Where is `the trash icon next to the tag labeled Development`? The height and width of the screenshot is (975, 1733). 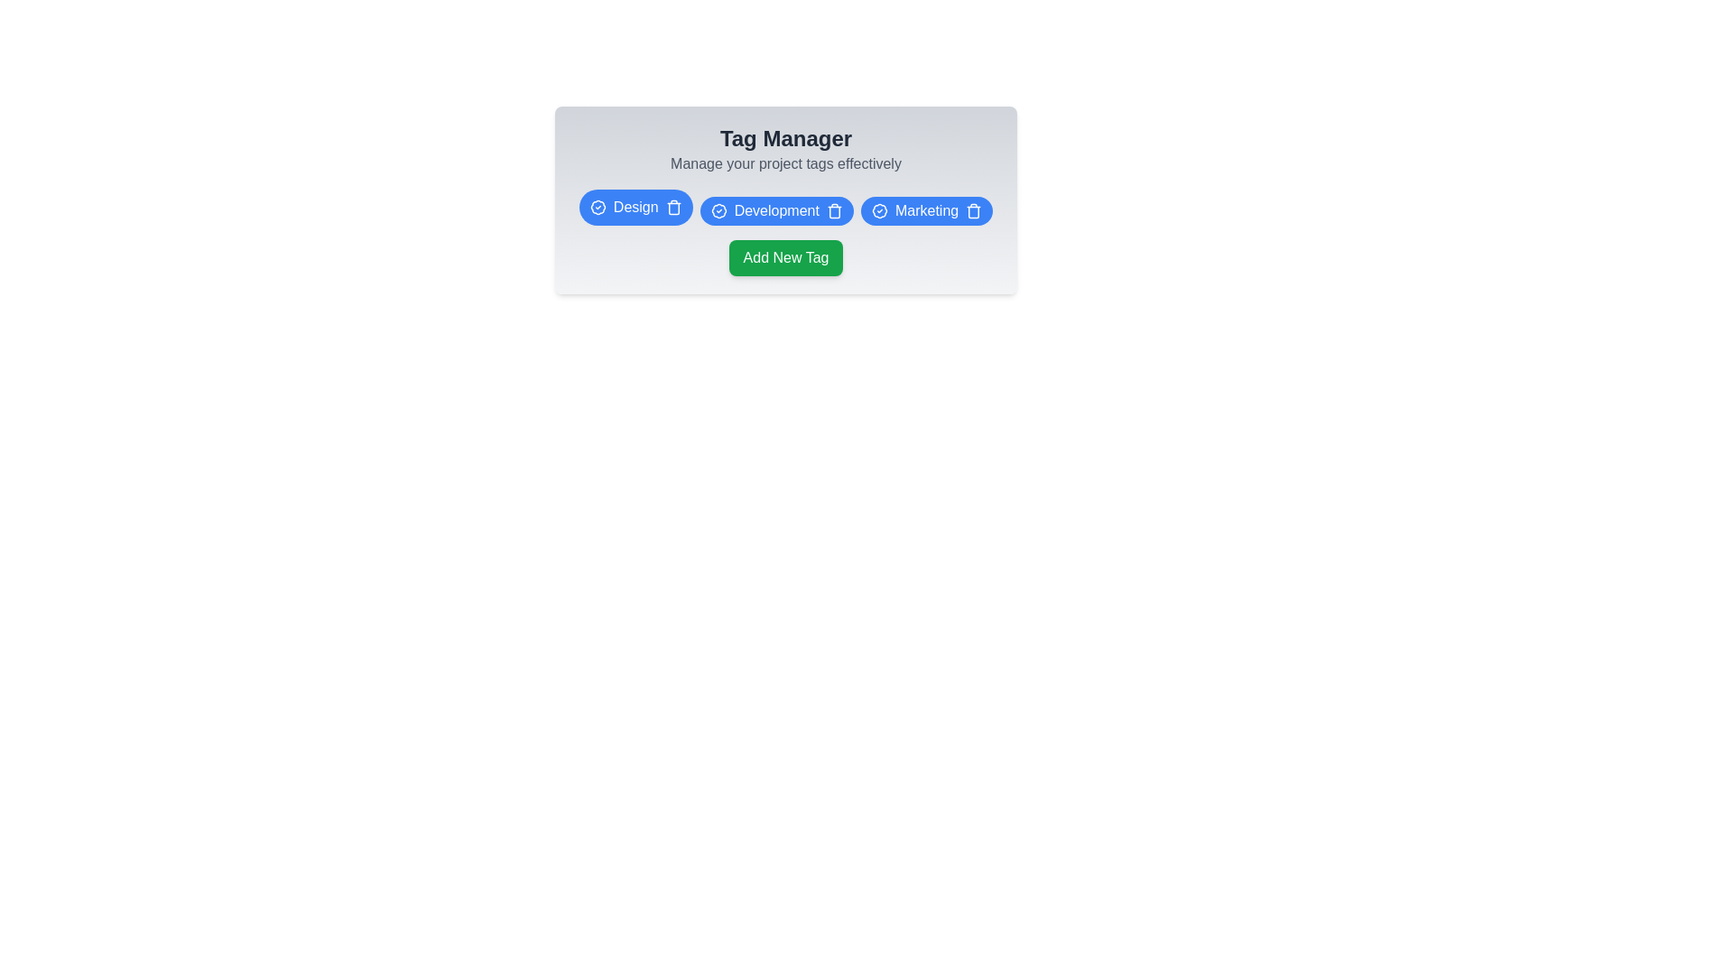
the trash icon next to the tag labeled Development is located at coordinates (833, 210).